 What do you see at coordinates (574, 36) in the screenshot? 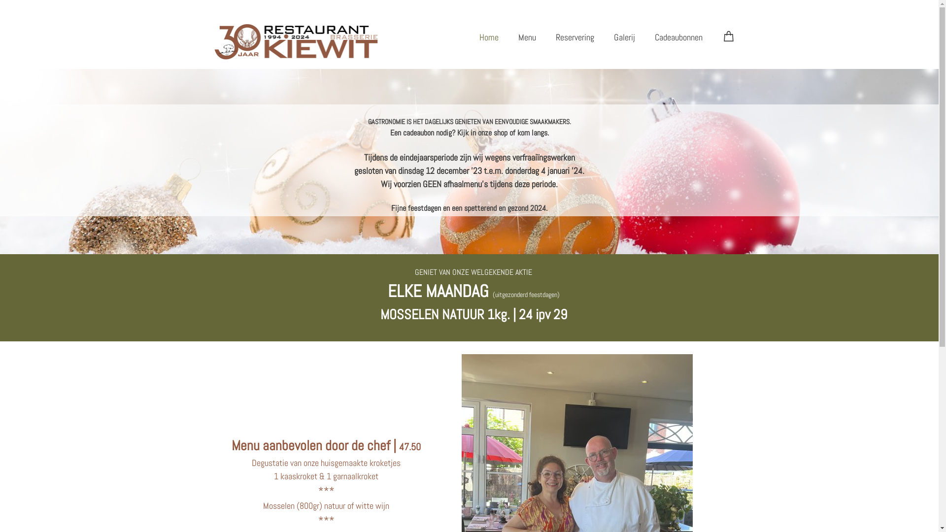
I see `'Reservering'` at bounding box center [574, 36].